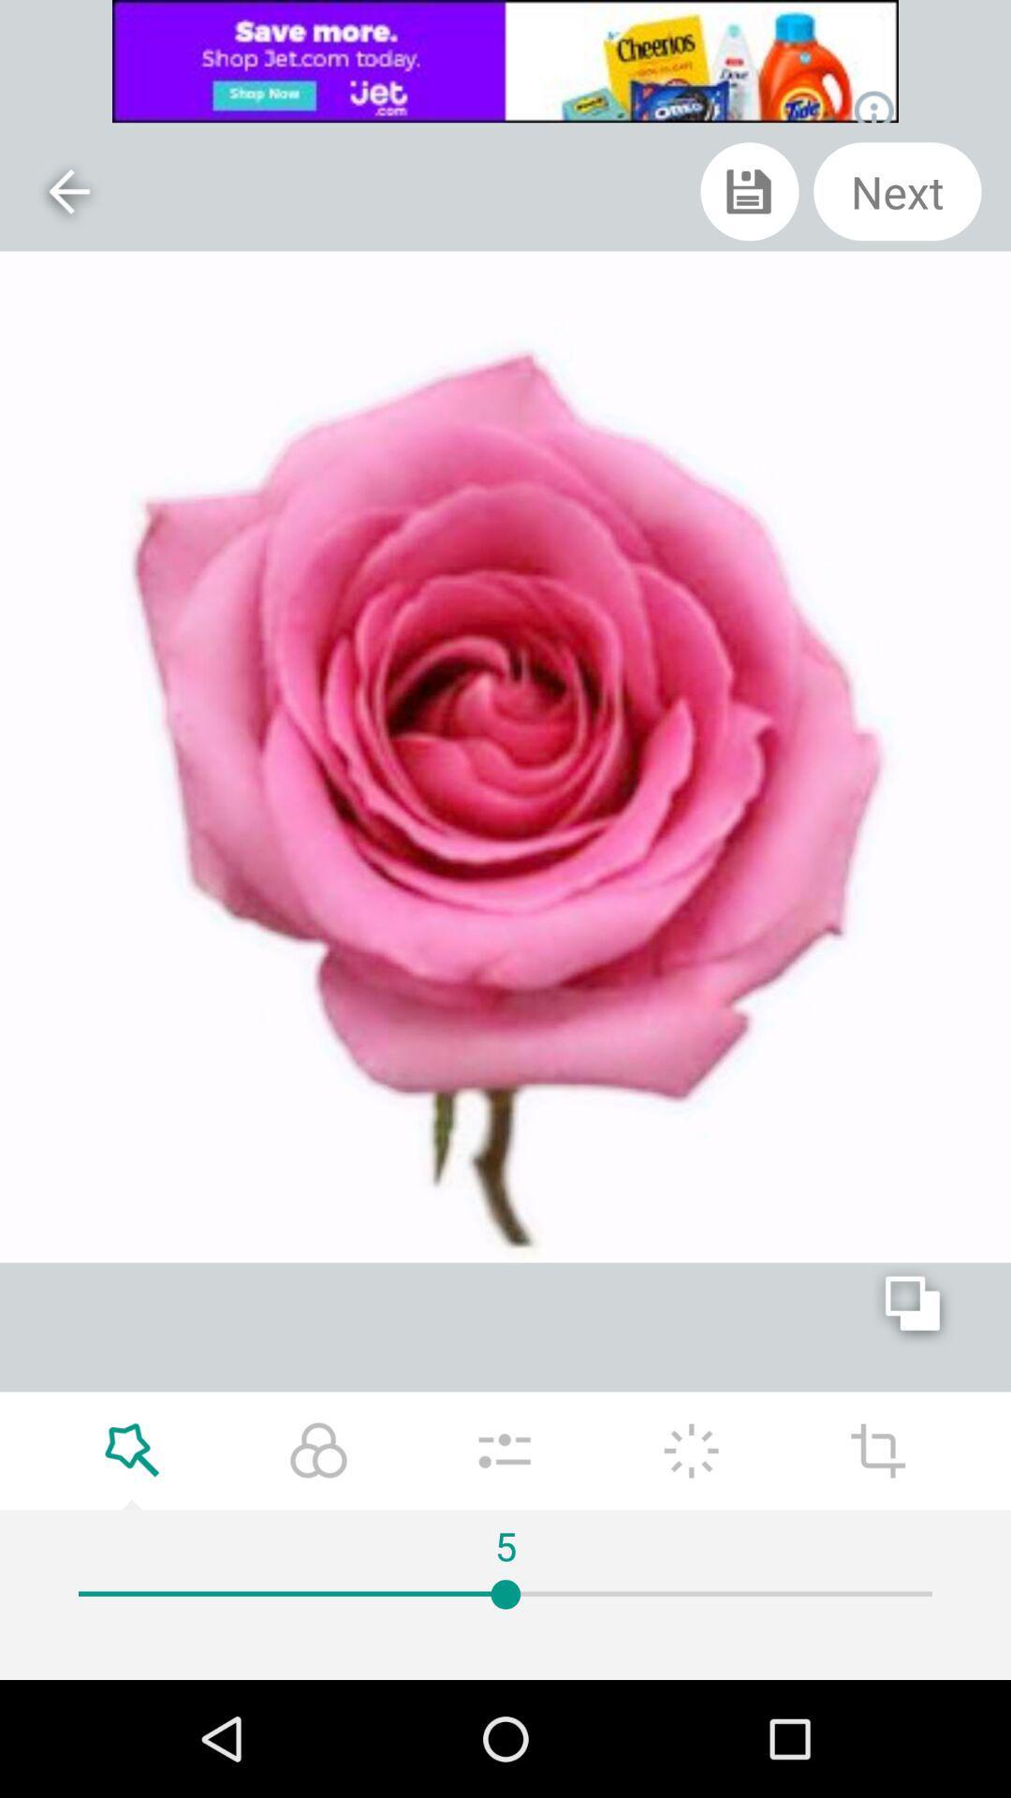  What do you see at coordinates (67, 191) in the screenshot?
I see `the previous page` at bounding box center [67, 191].